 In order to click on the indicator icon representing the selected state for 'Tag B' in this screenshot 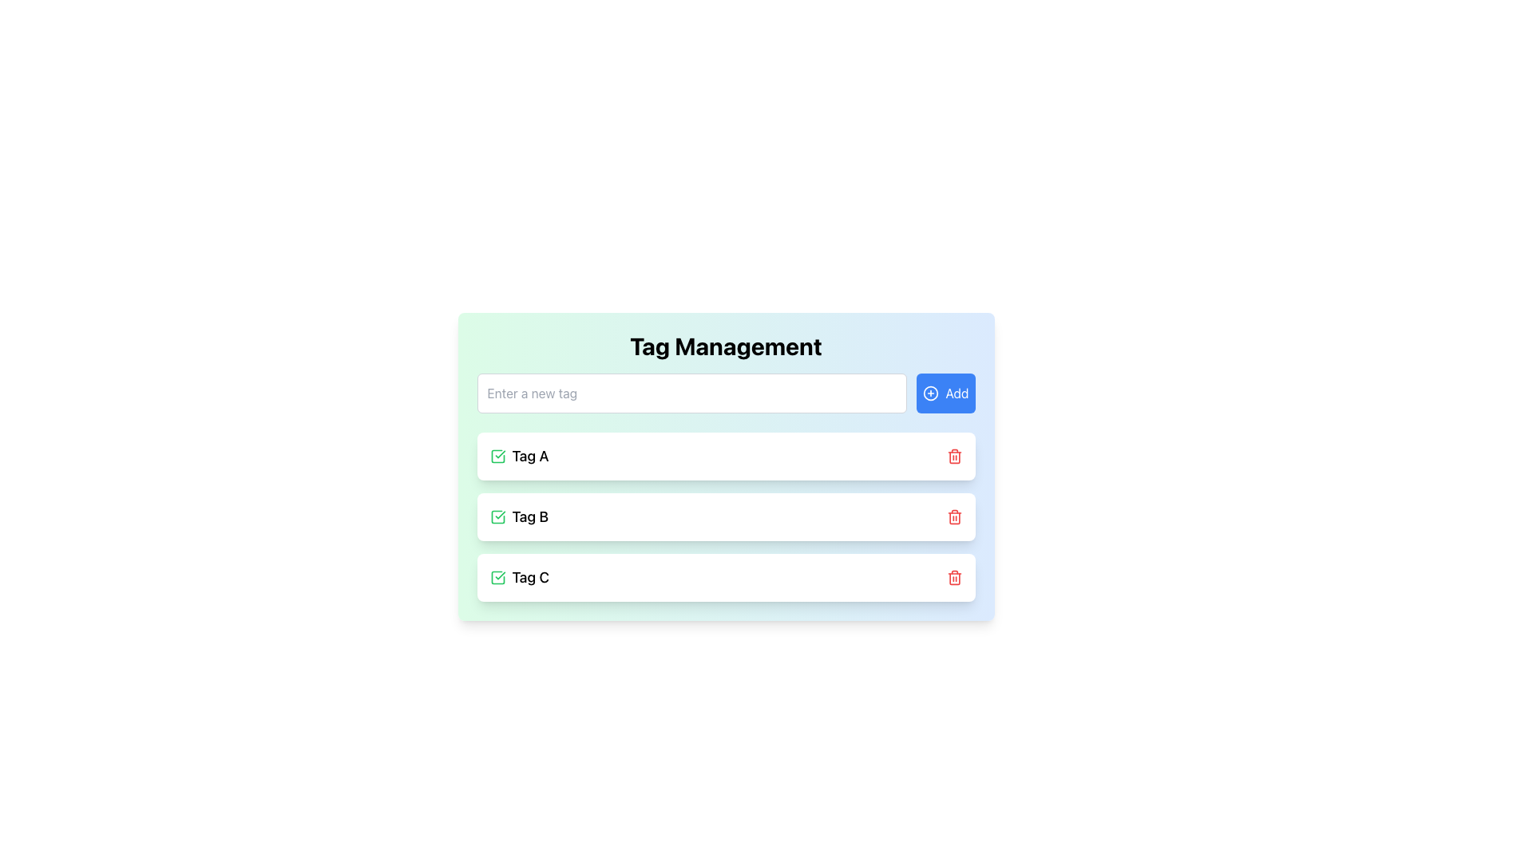, I will do `click(497, 517)`.